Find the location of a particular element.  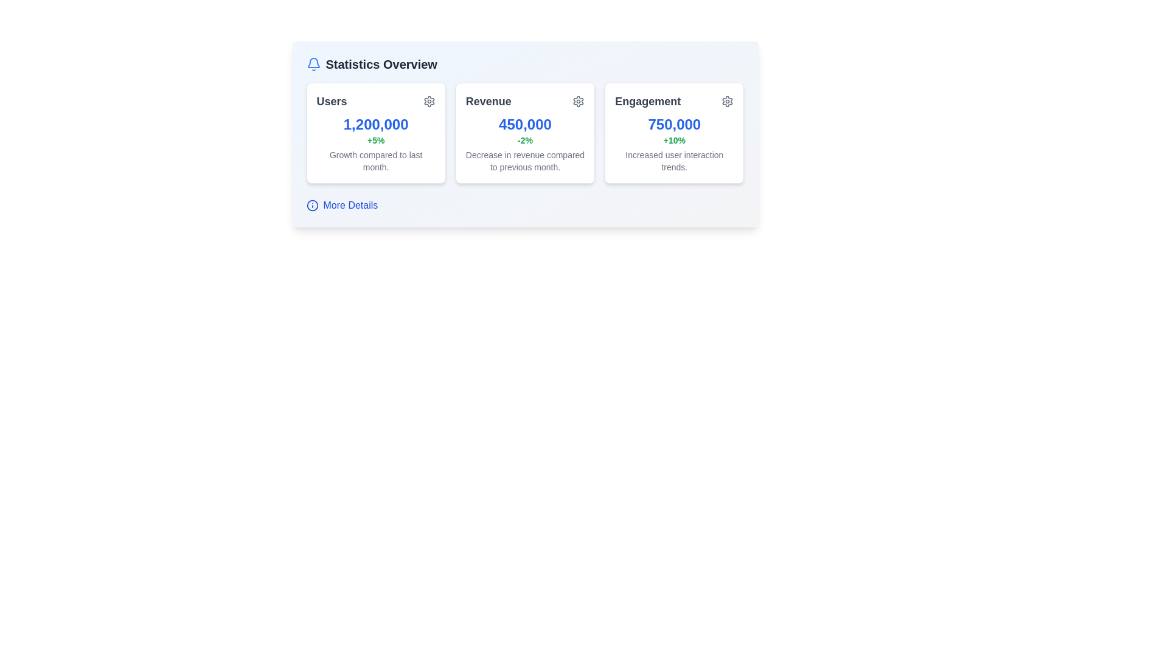

the text label displaying '+10%' in green color, which is located within the 'Engagement' card, positioned below the main metric value '750,000' is located at coordinates (673, 140).